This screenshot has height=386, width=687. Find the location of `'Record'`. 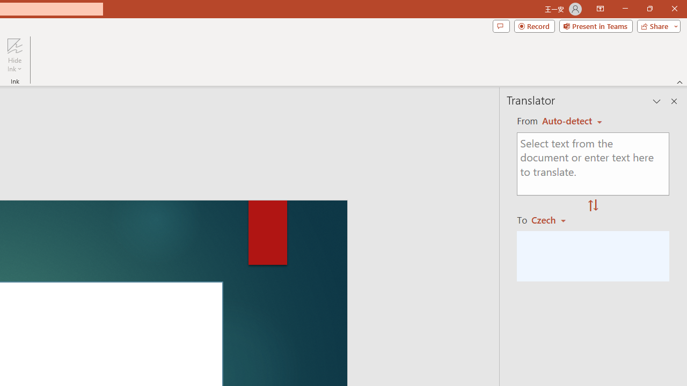

'Record' is located at coordinates (534, 25).